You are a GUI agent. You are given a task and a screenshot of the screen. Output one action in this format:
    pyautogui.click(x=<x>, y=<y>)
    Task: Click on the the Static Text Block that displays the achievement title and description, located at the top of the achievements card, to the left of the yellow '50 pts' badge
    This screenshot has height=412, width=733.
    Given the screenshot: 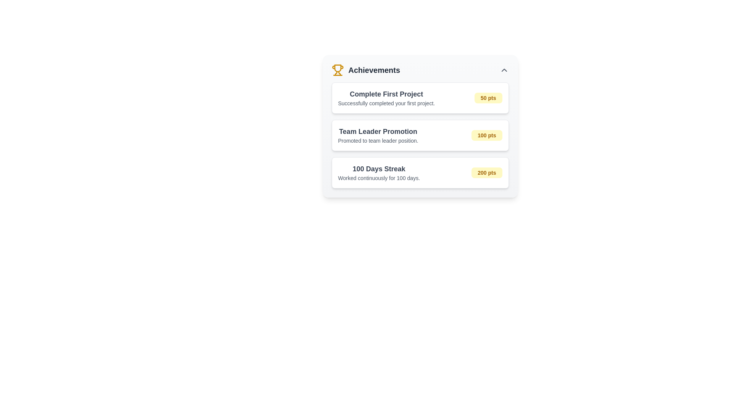 What is the action you would take?
    pyautogui.click(x=386, y=98)
    